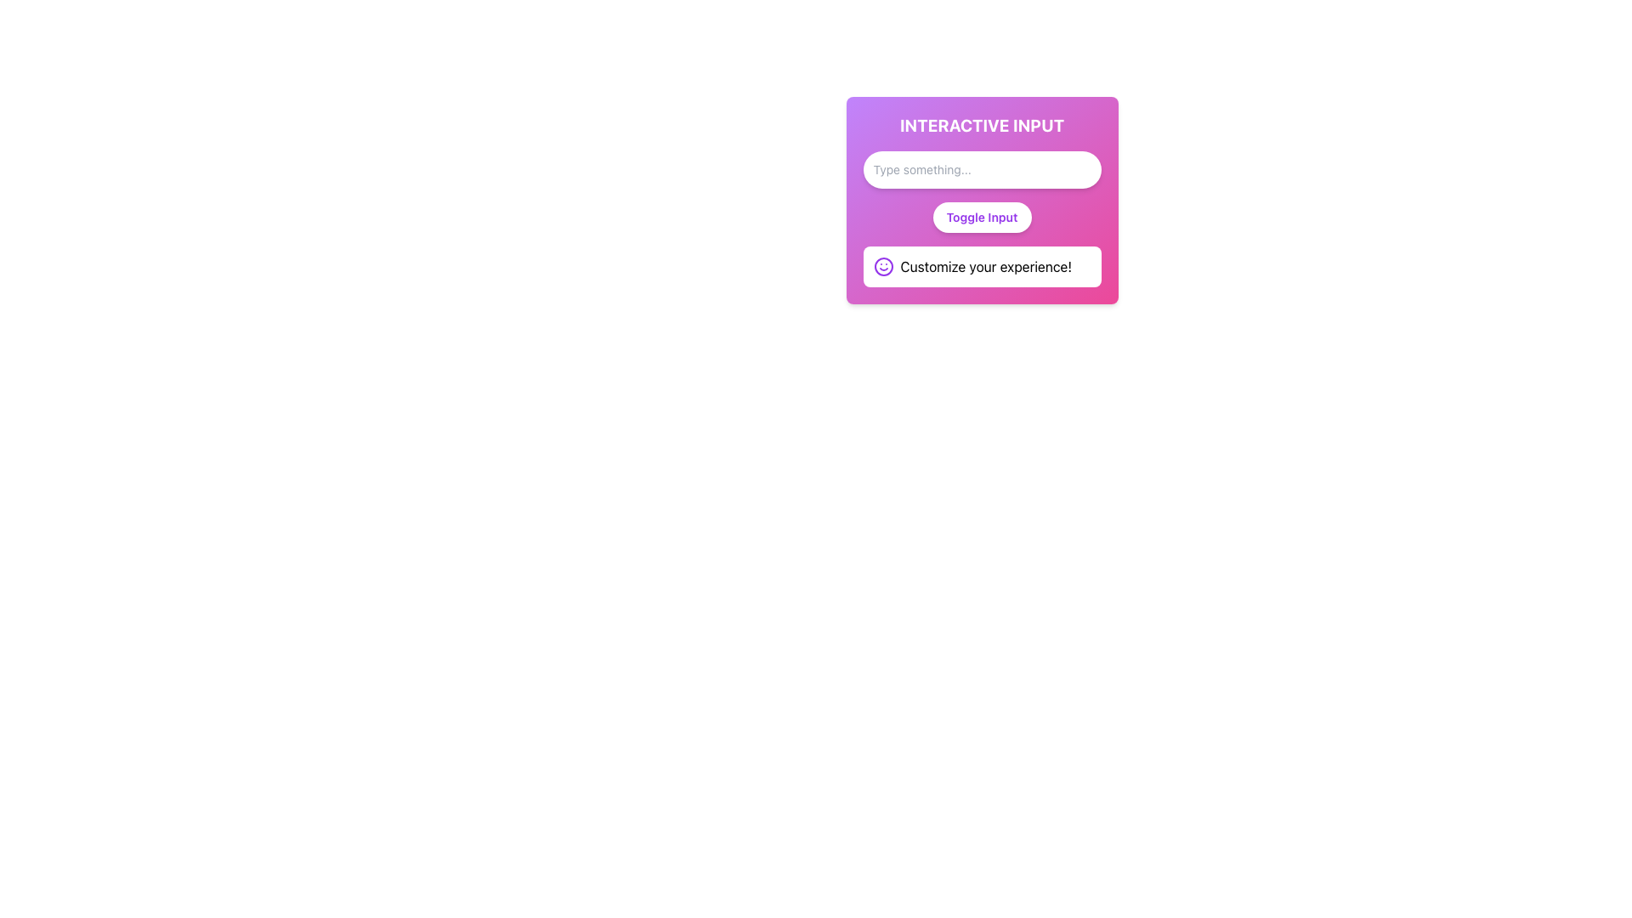 This screenshot has height=918, width=1632. What do you see at coordinates (883, 266) in the screenshot?
I see `the icon located to the left of the 'Customize your experience!' message, which serves as a visual representation of the message` at bounding box center [883, 266].